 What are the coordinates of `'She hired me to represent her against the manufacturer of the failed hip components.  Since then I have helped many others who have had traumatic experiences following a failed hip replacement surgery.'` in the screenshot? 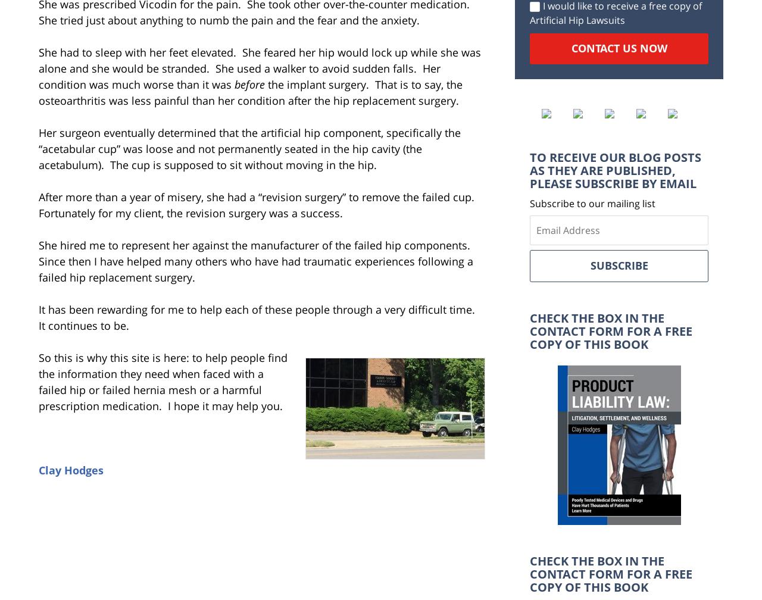 It's located at (39, 261).